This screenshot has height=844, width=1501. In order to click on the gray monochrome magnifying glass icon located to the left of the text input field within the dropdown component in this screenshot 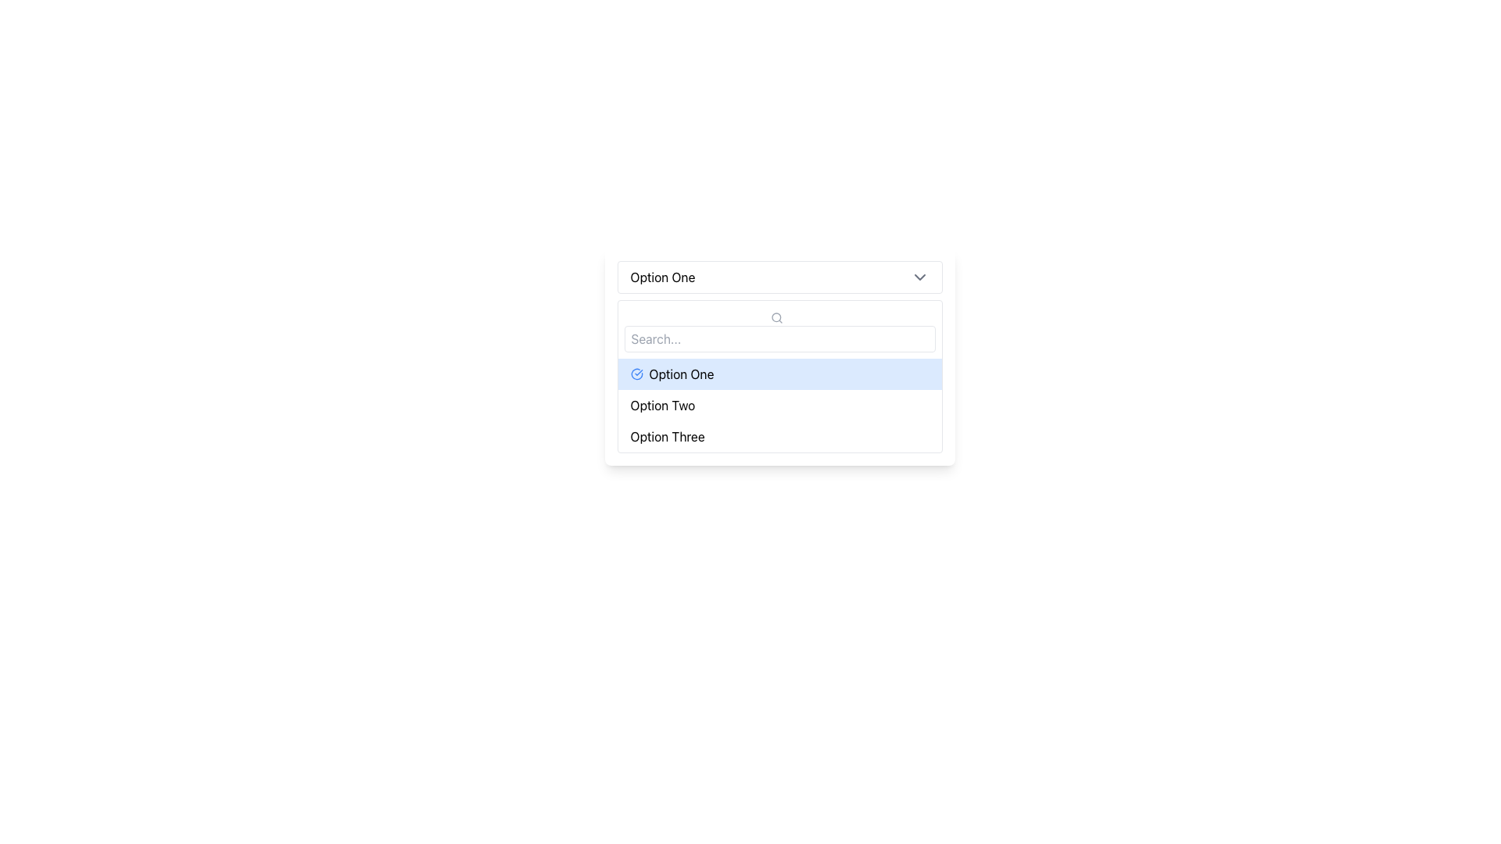, I will do `click(776, 316)`.